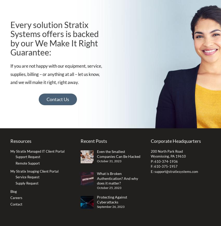 The height and width of the screenshot is (226, 221). Describe the element at coordinates (54, 38) in the screenshot. I see `'Every solution Stratix Systems offers is backed by our We Make It Right Guarantee:'` at that location.